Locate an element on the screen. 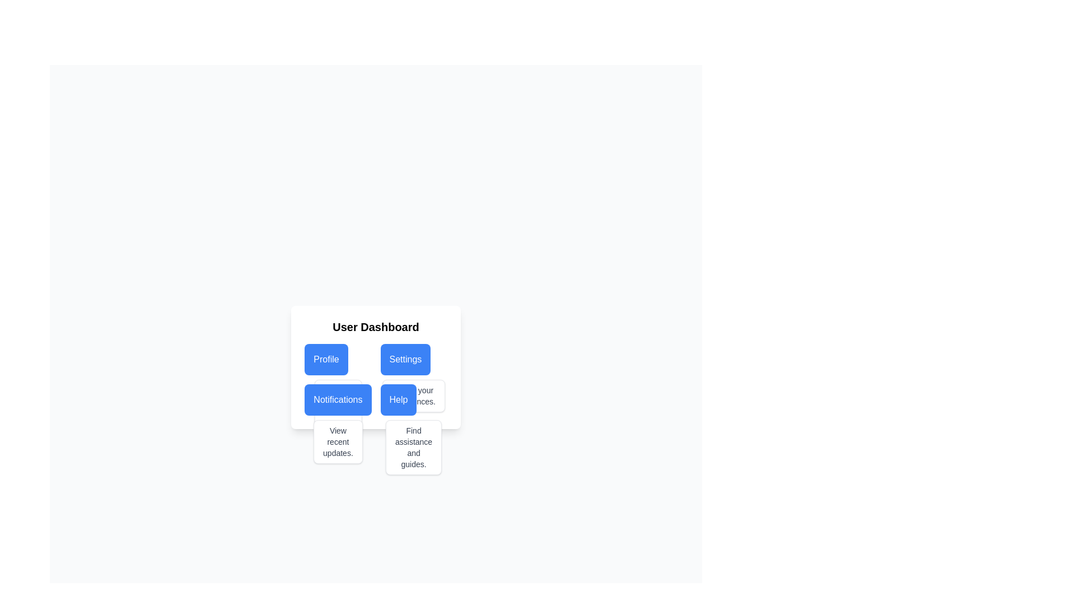 The image size is (1075, 605). the blue 'Profile' button with rounded corners in the top-left corner of the user interaction grid is located at coordinates (325, 359).